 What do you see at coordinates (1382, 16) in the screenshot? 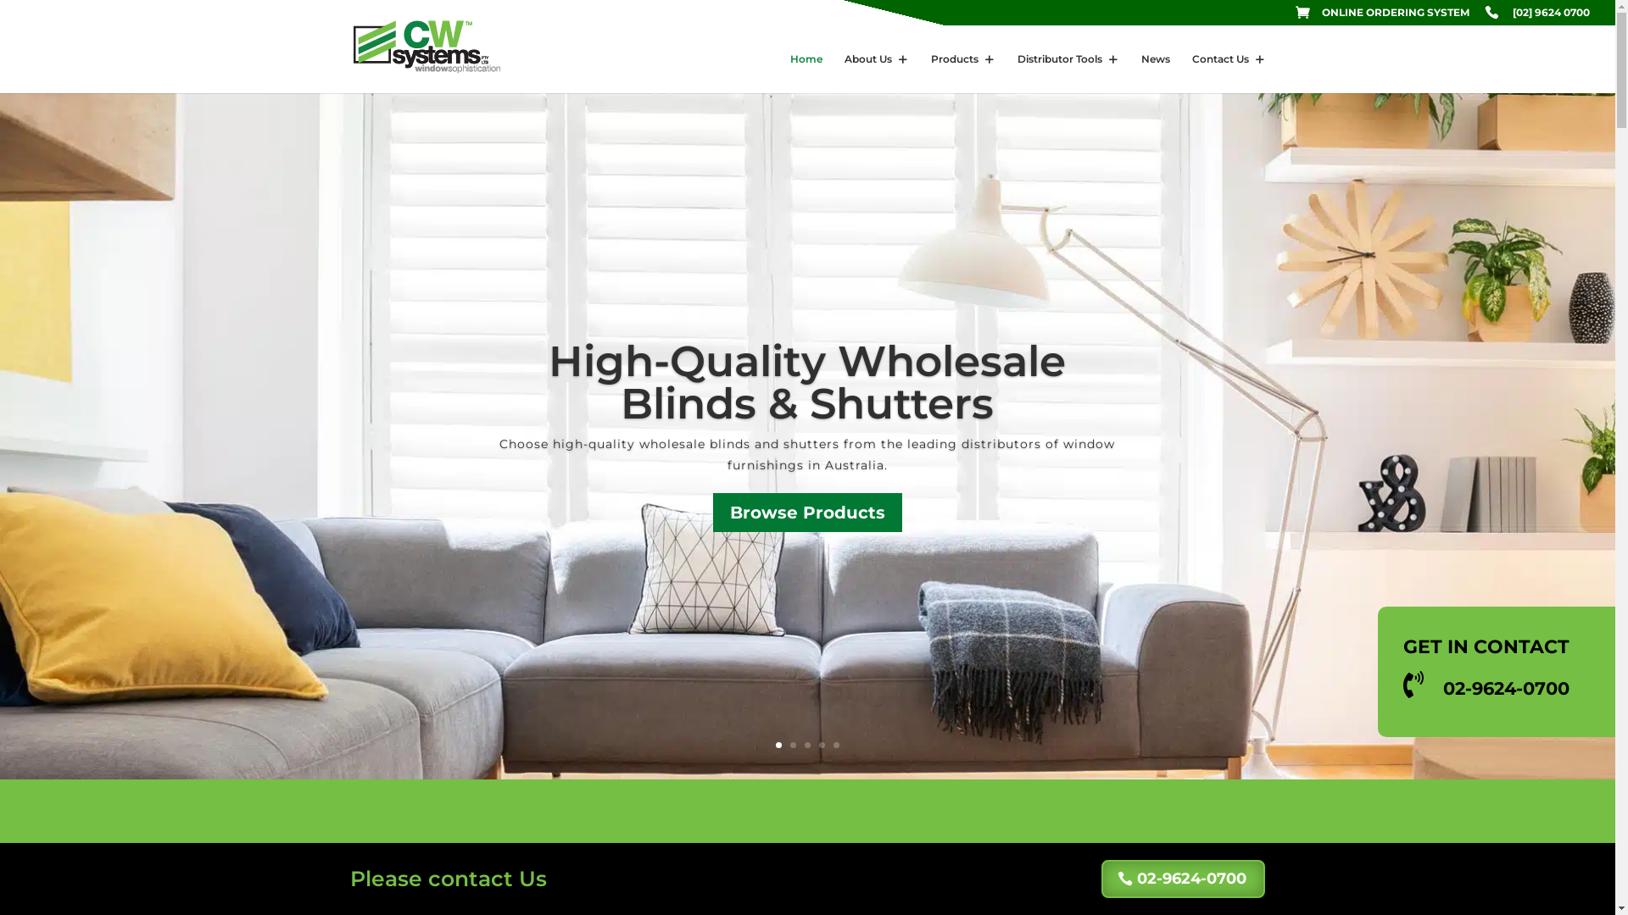
I see `'ONLINE ORDERING SYSTEM'` at bounding box center [1382, 16].